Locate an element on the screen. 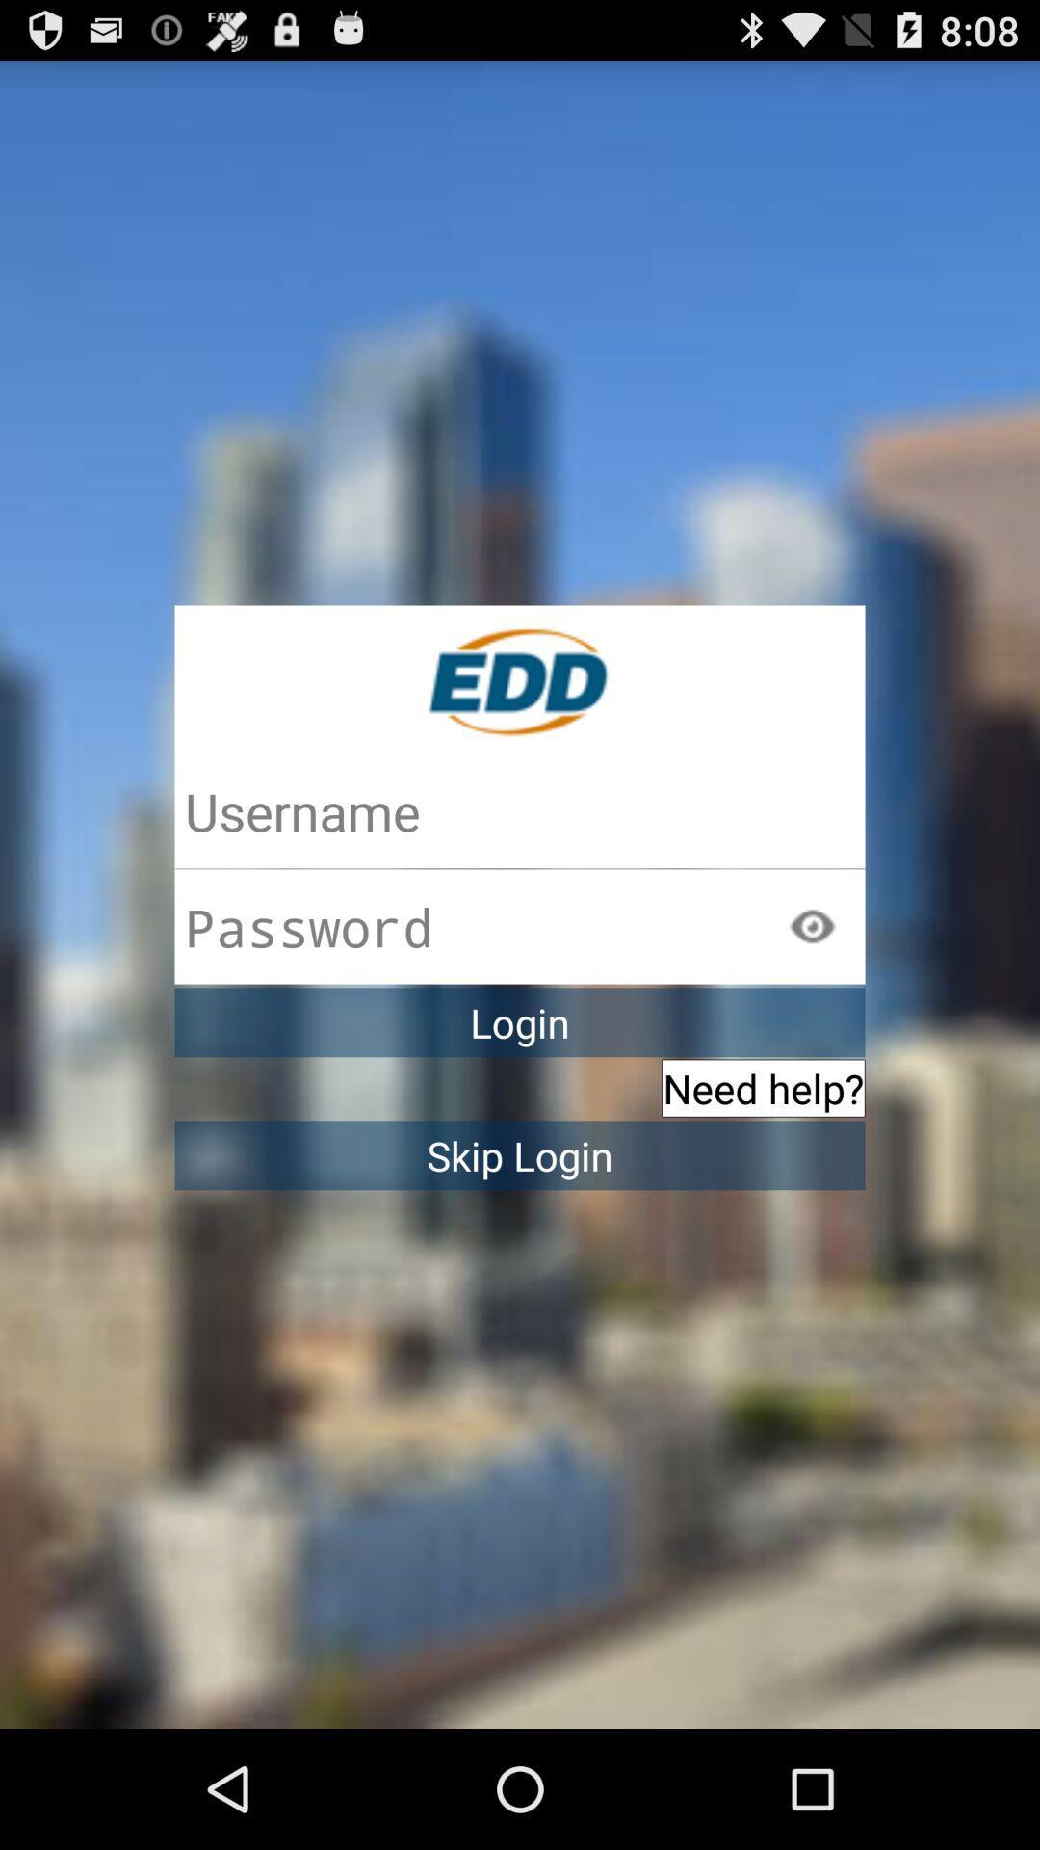 This screenshot has width=1040, height=1850. skip login icon is located at coordinates (520, 1155).